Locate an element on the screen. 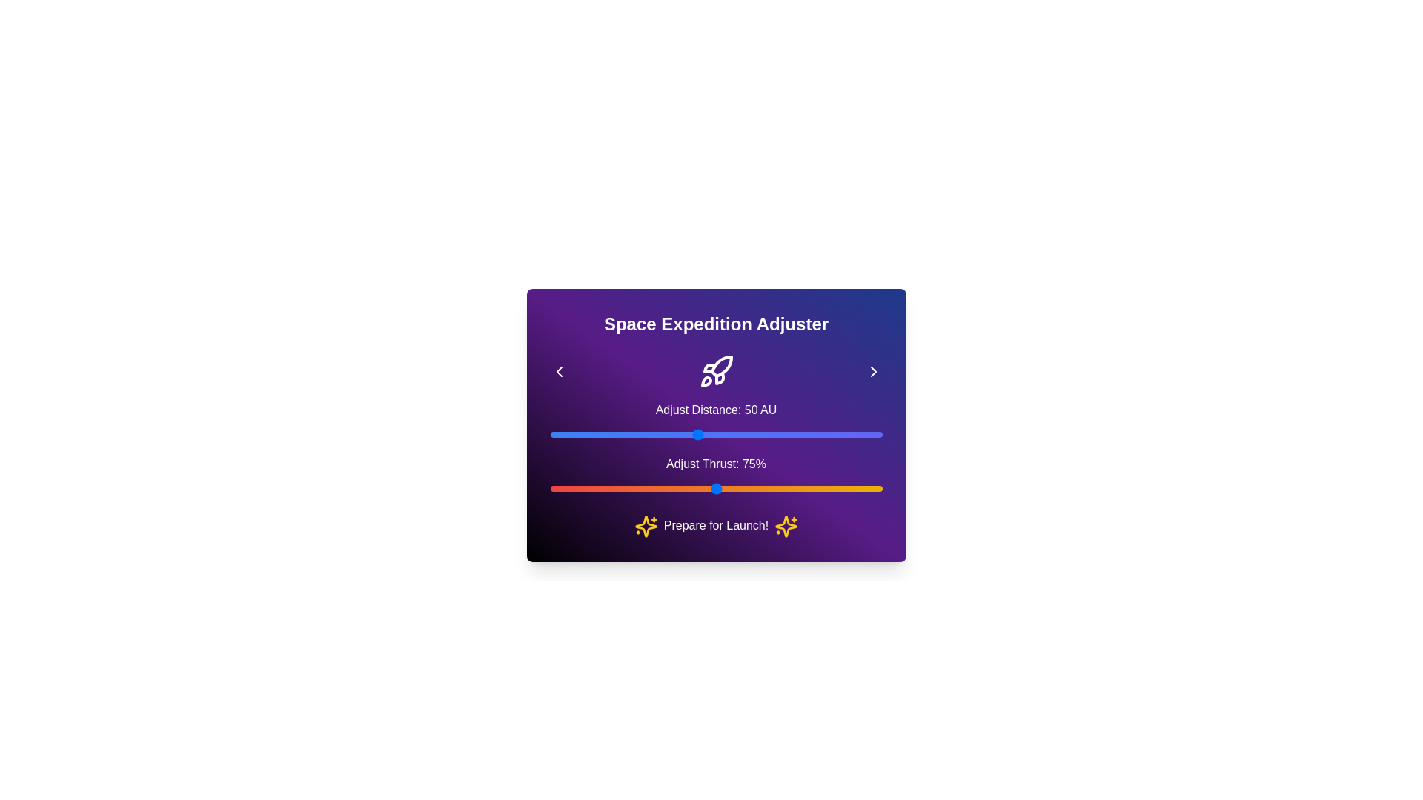 This screenshot has width=1423, height=800. the distance slider to 54 AU is located at coordinates (712, 433).